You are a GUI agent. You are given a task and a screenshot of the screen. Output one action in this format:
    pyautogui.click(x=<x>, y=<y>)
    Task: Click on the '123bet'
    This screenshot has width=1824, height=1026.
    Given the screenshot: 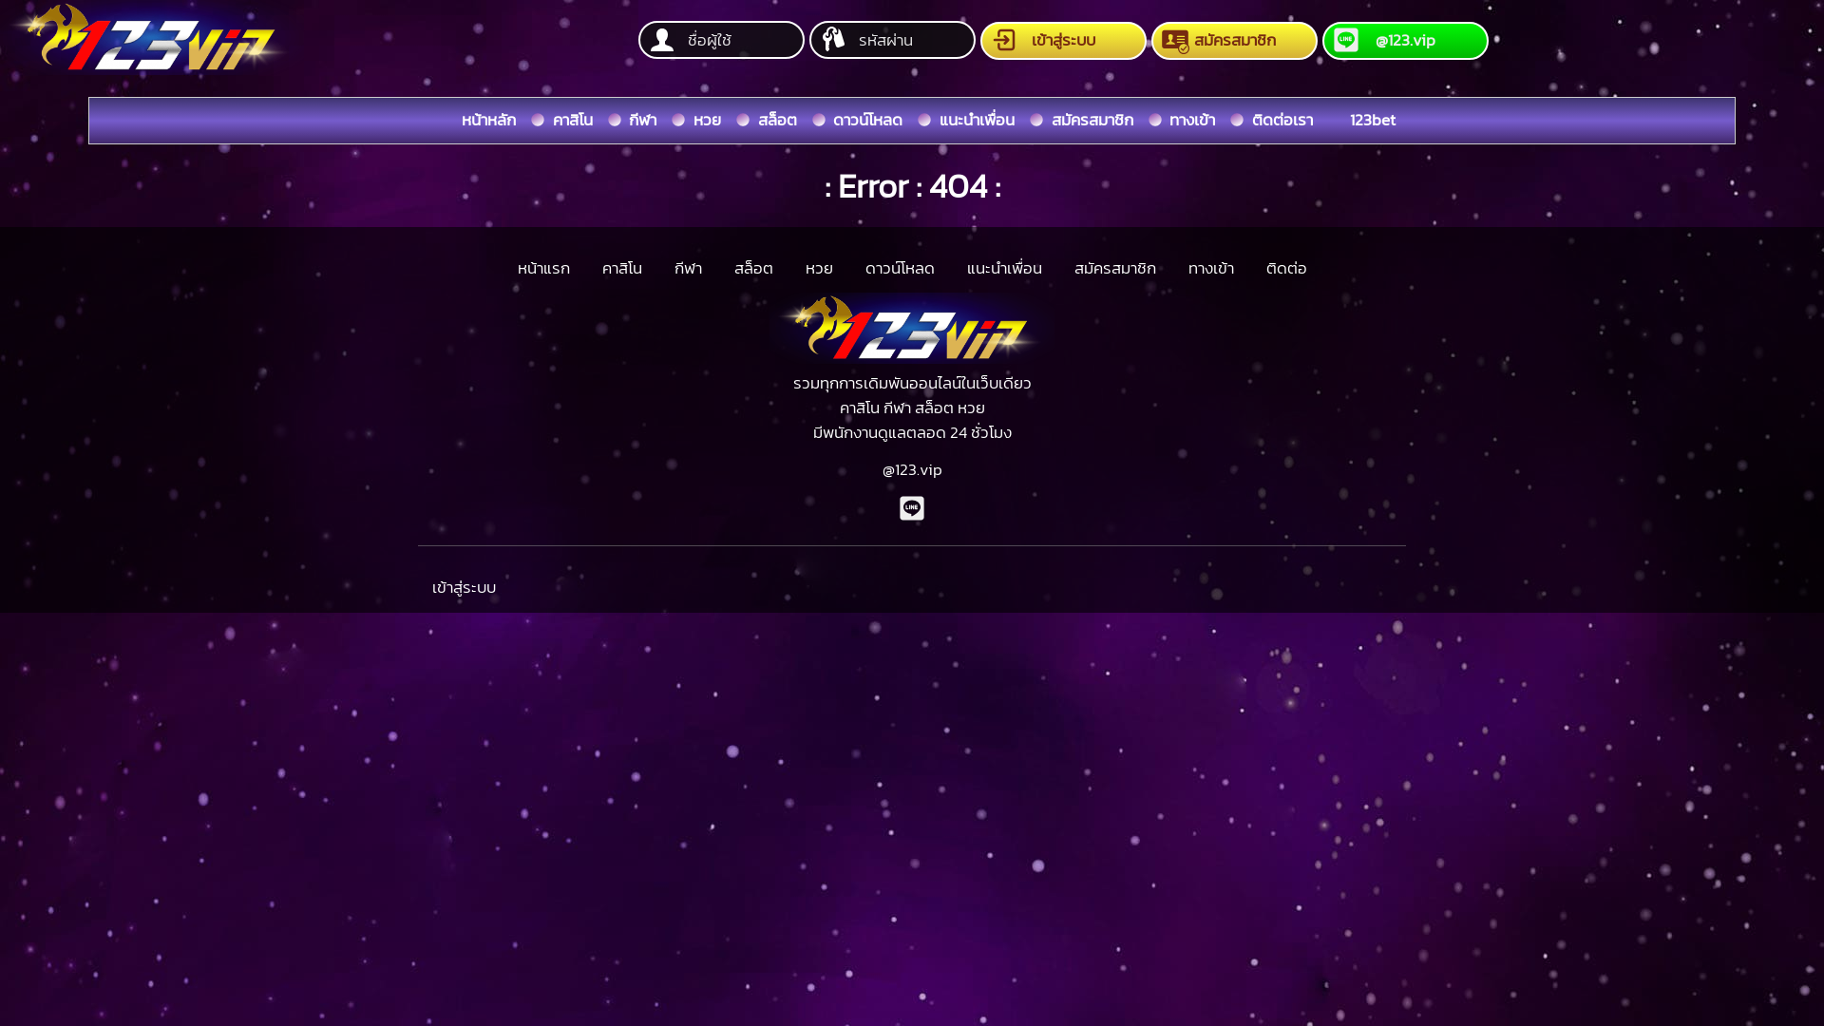 What is the action you would take?
    pyautogui.click(x=1372, y=120)
    